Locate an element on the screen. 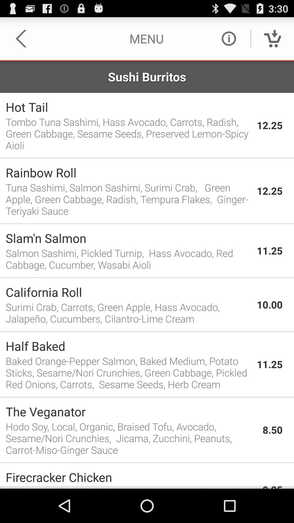 This screenshot has height=523, width=294. the app above california roll app is located at coordinates (147, 278).